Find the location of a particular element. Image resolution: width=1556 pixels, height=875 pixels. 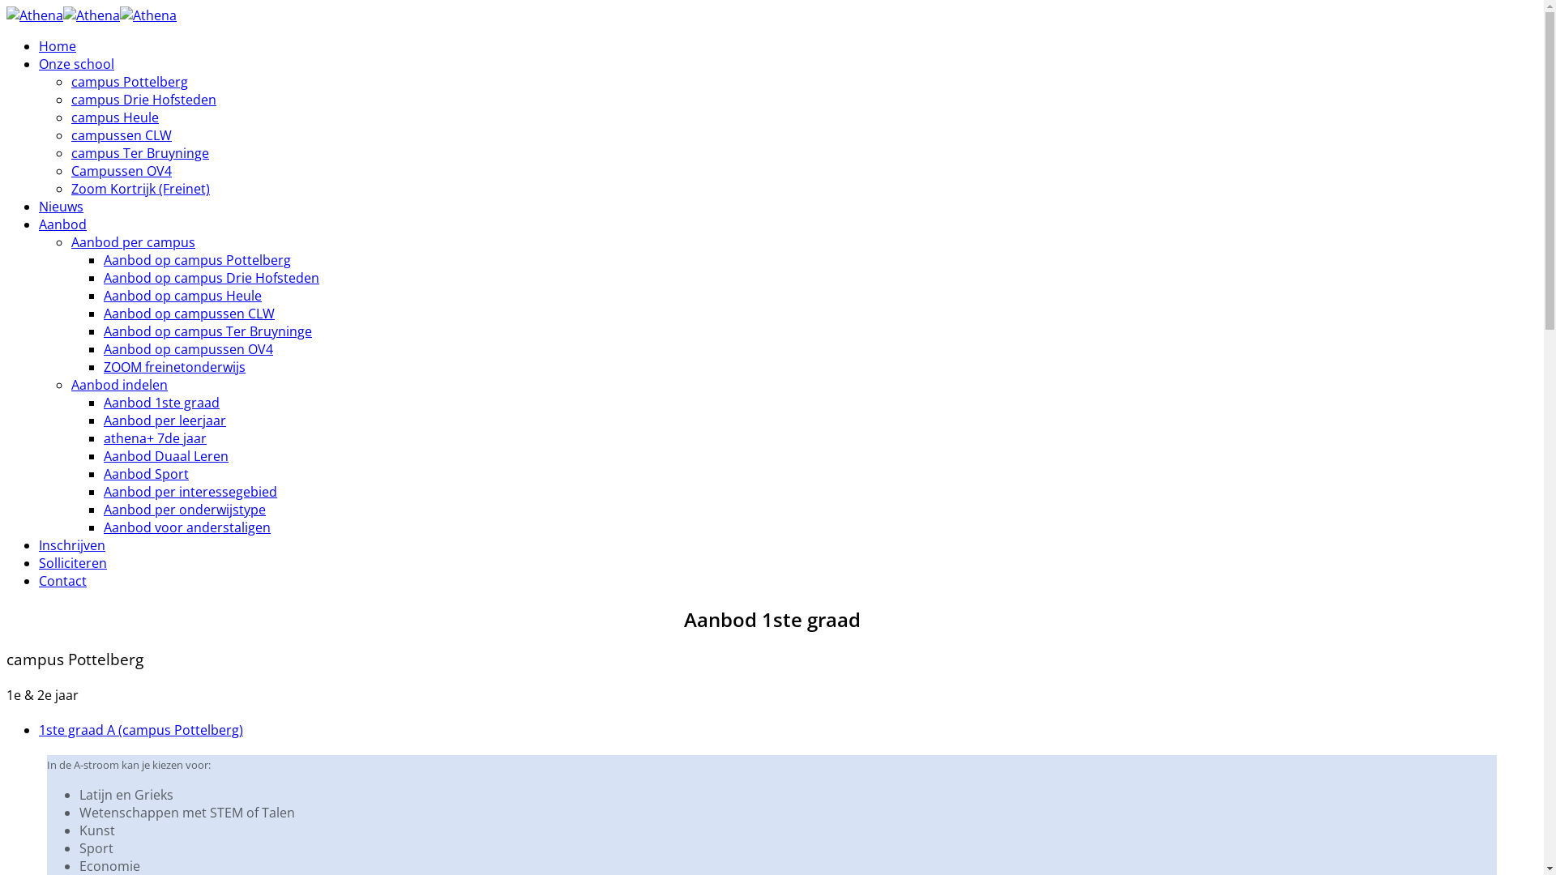

'Aanbod op campus Heule' is located at coordinates (182, 296).